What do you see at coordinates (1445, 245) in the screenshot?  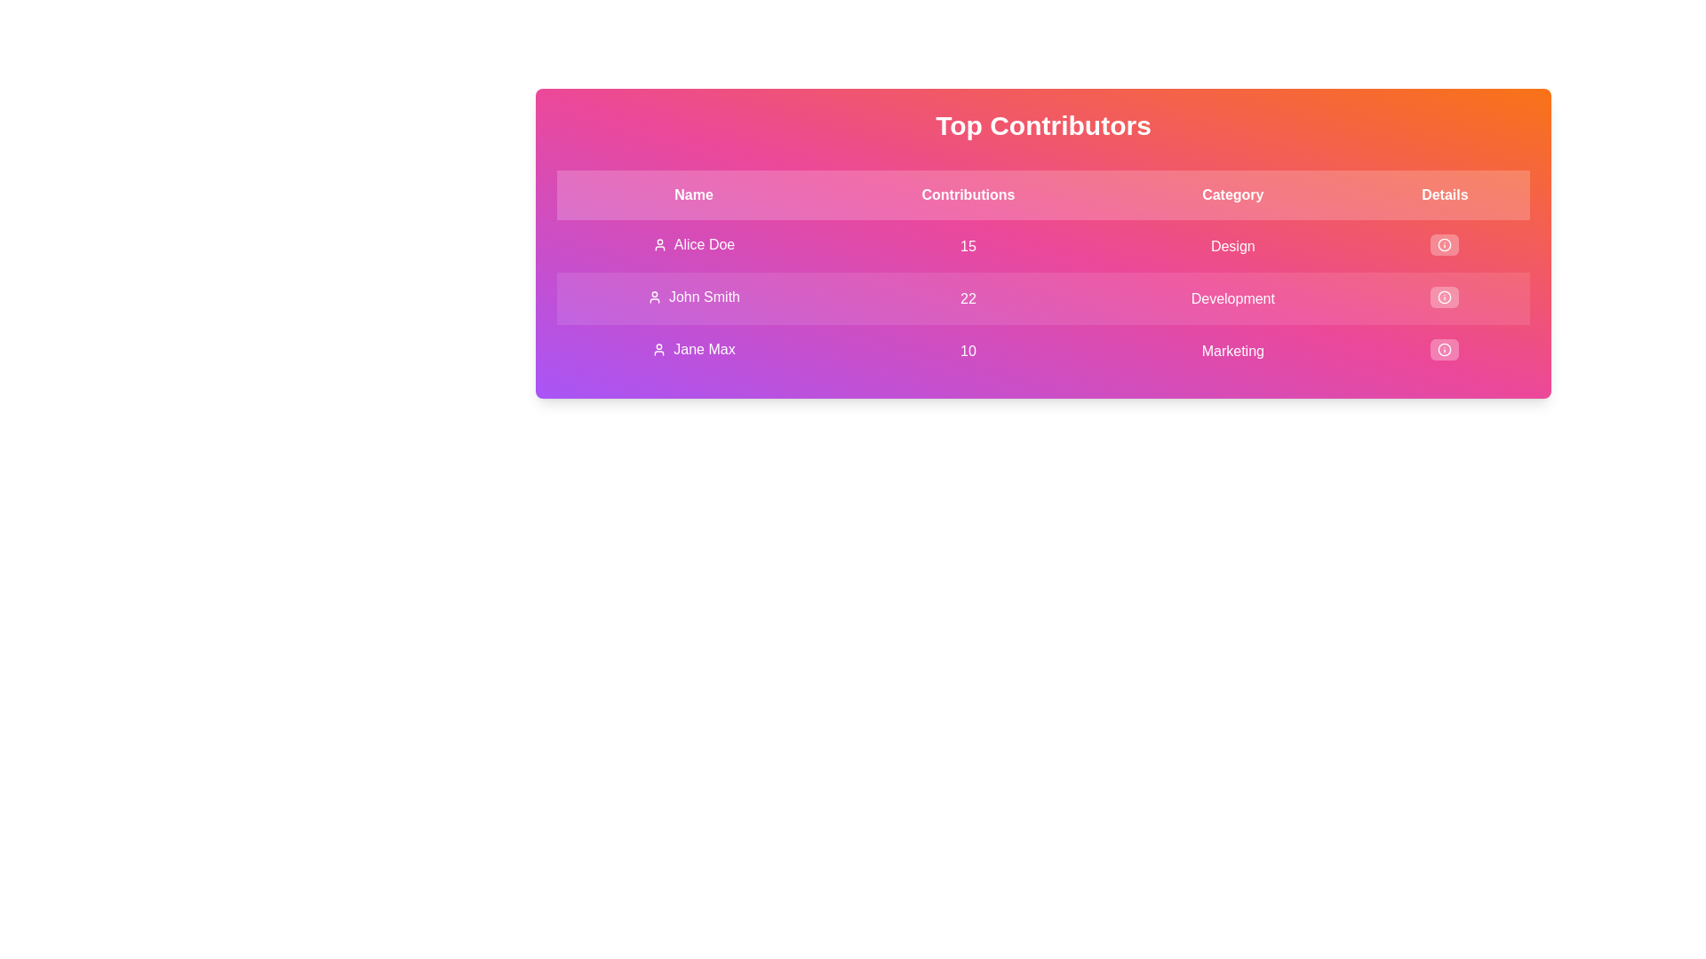 I see `the decorative graphical circle in the information icon located in the 'Details' column of the 'Top Contributors' table, first row for the 'Design' category` at bounding box center [1445, 245].